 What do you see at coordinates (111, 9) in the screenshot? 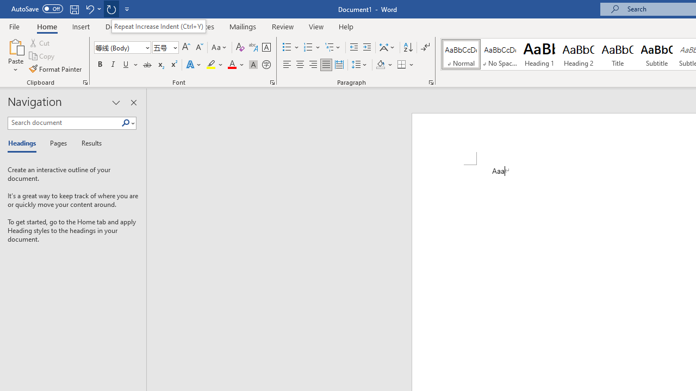
I see `'Repeat Increase Indent'` at bounding box center [111, 9].